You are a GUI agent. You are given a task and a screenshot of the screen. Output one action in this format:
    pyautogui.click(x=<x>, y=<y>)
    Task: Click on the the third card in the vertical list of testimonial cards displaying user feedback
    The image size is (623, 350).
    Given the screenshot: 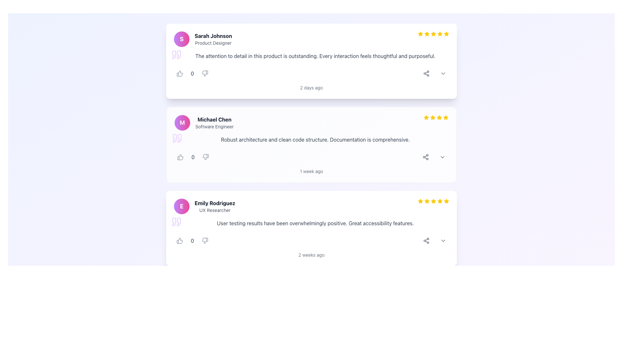 What is the action you would take?
    pyautogui.click(x=311, y=228)
    